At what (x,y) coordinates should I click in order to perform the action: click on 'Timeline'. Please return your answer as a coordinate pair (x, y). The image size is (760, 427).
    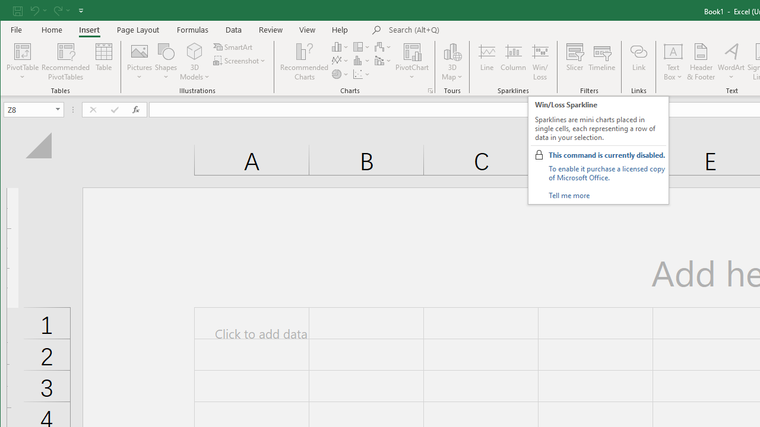
    Looking at the image, I should click on (602, 62).